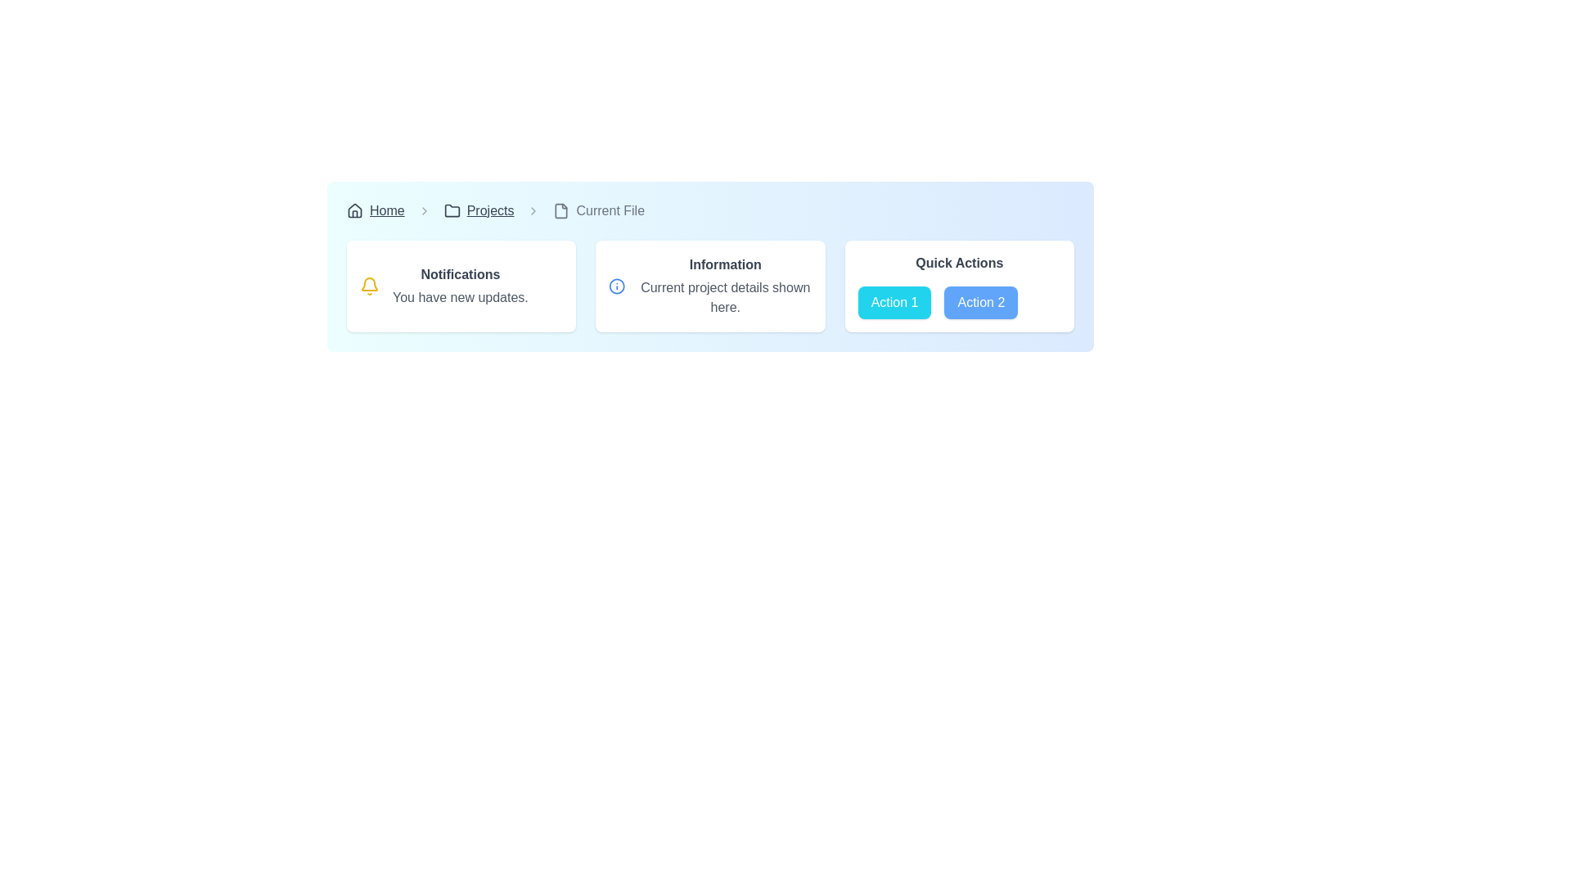  What do you see at coordinates (353, 210) in the screenshot?
I see `the minimalist house-shaped SVG icon located at the leftmost side of the breadcrumbs layout` at bounding box center [353, 210].